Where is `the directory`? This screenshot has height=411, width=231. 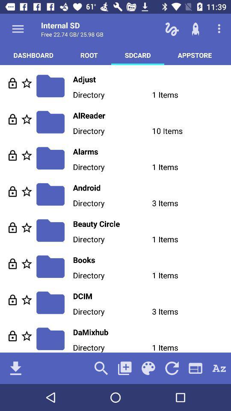
the directory is located at coordinates (27, 263).